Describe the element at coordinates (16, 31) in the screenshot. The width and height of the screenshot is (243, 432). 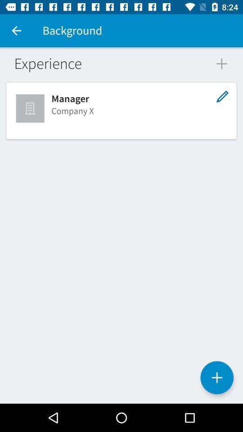
I see `the item next to the background icon` at that location.